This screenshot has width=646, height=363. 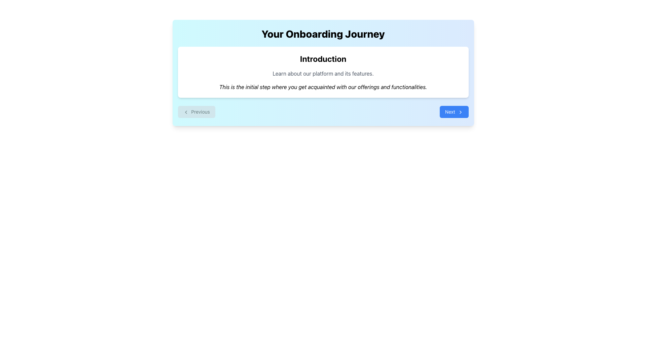 What do you see at coordinates (196, 111) in the screenshot?
I see `the 'Previous' button with a gray background and left-pointing chevron icon` at bounding box center [196, 111].